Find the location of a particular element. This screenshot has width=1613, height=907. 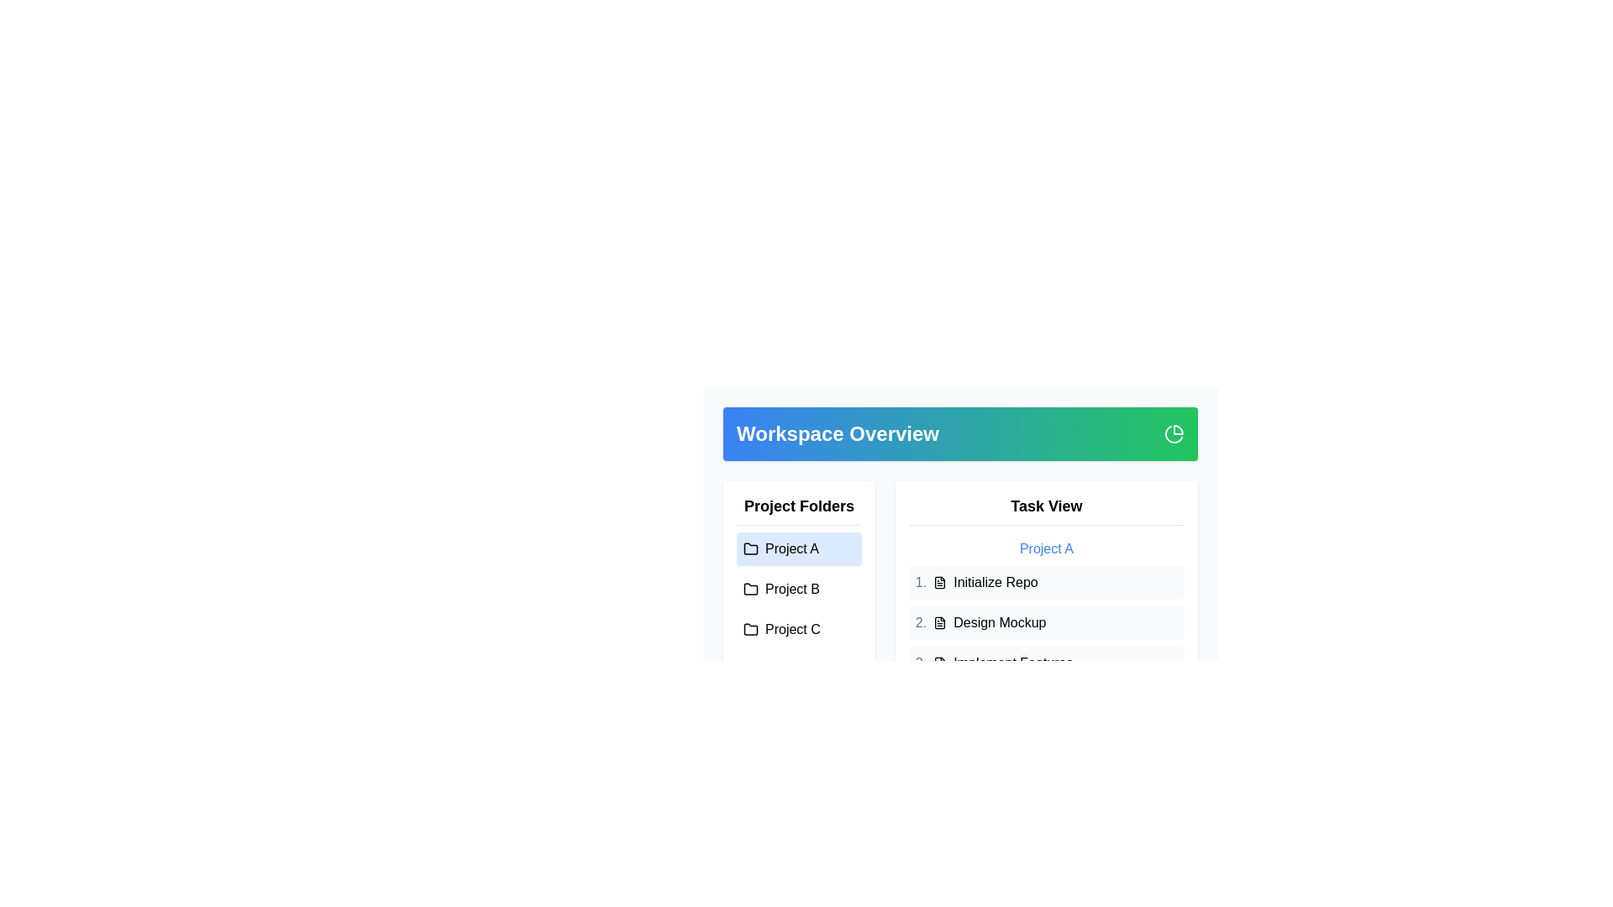

the project folder icon located to the left of the text 'Project A' in the 'Project Folders' section to interact with it is located at coordinates (749, 549).